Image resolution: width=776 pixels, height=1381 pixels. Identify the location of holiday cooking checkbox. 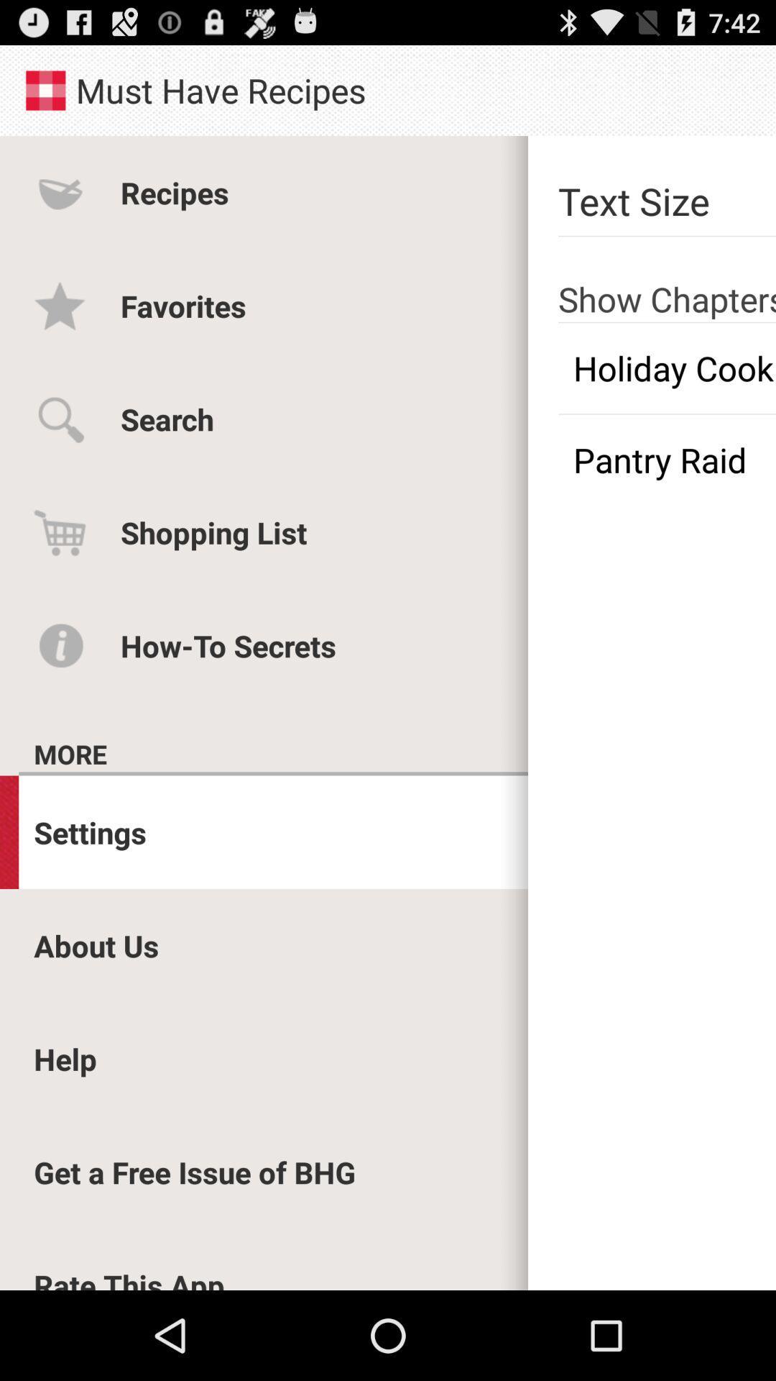
(667, 368).